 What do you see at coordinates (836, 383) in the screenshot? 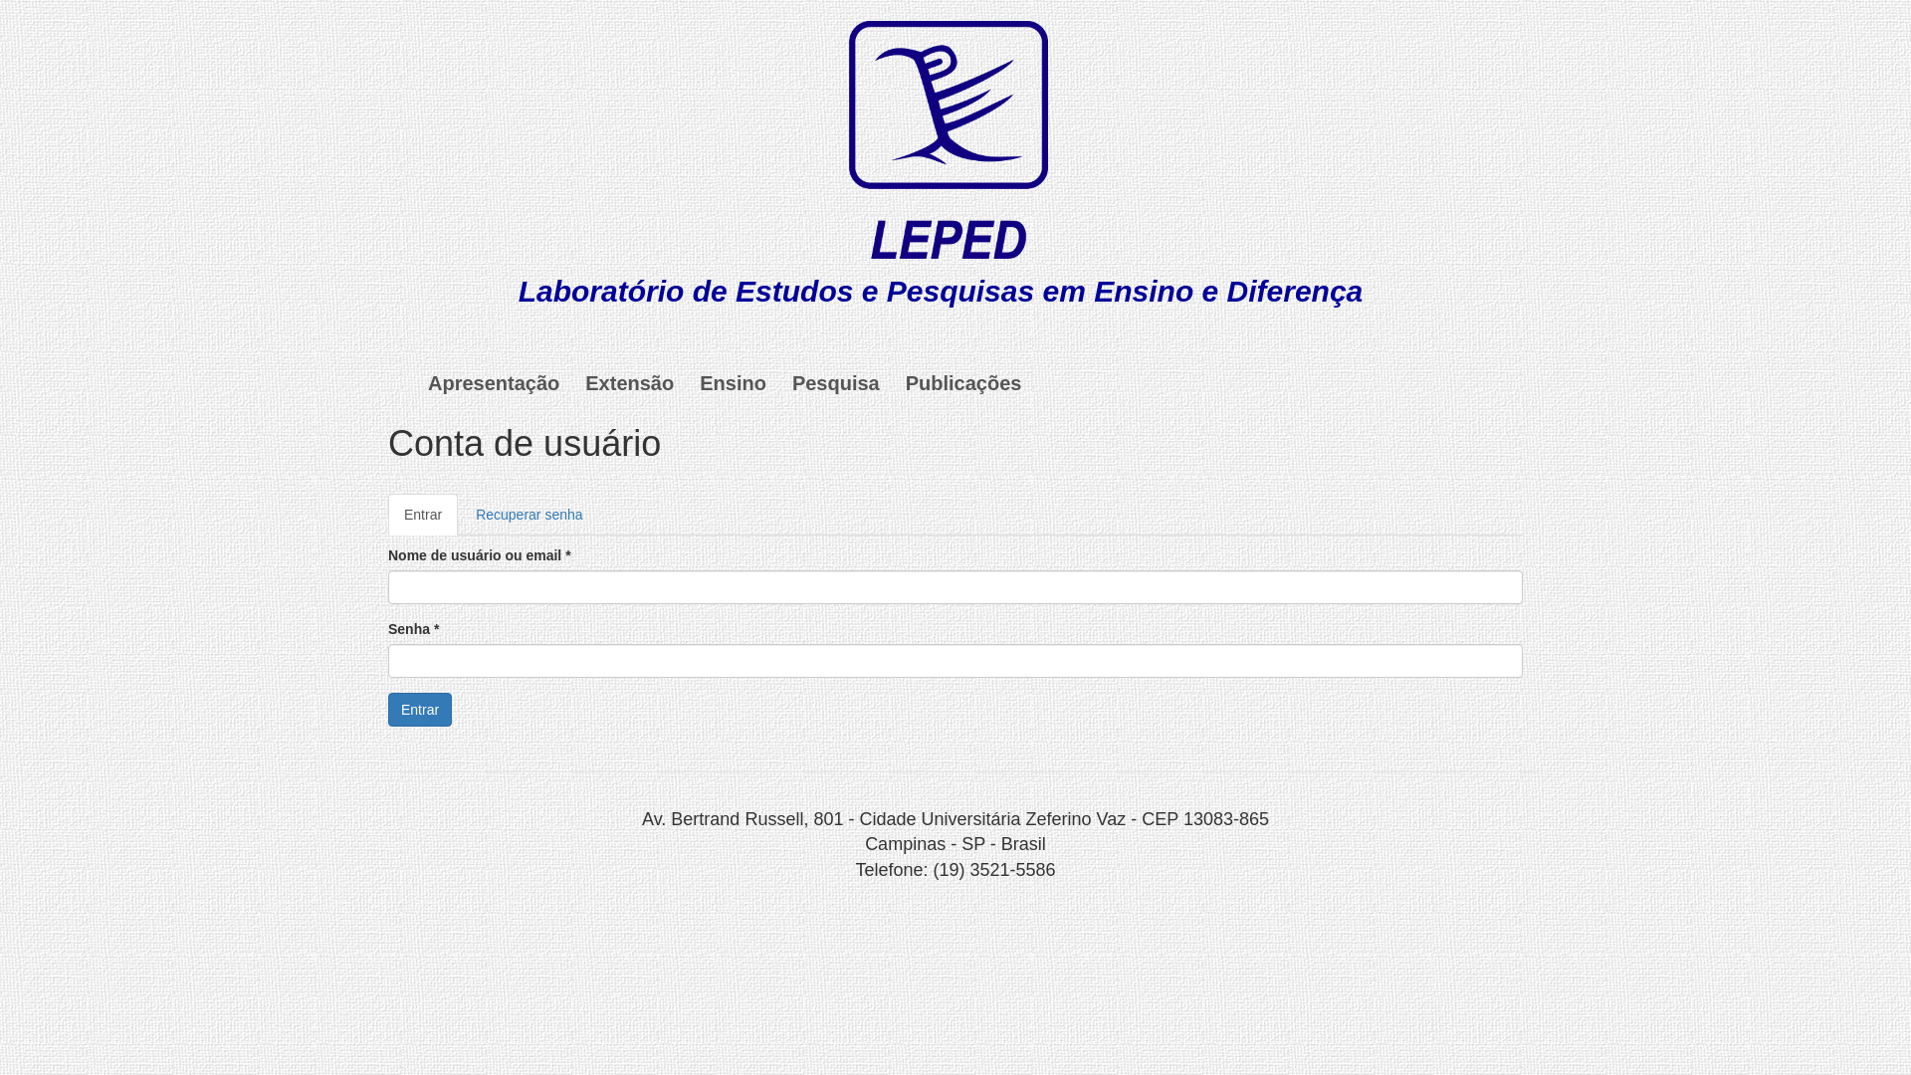
I see `'Pesquisa'` at bounding box center [836, 383].